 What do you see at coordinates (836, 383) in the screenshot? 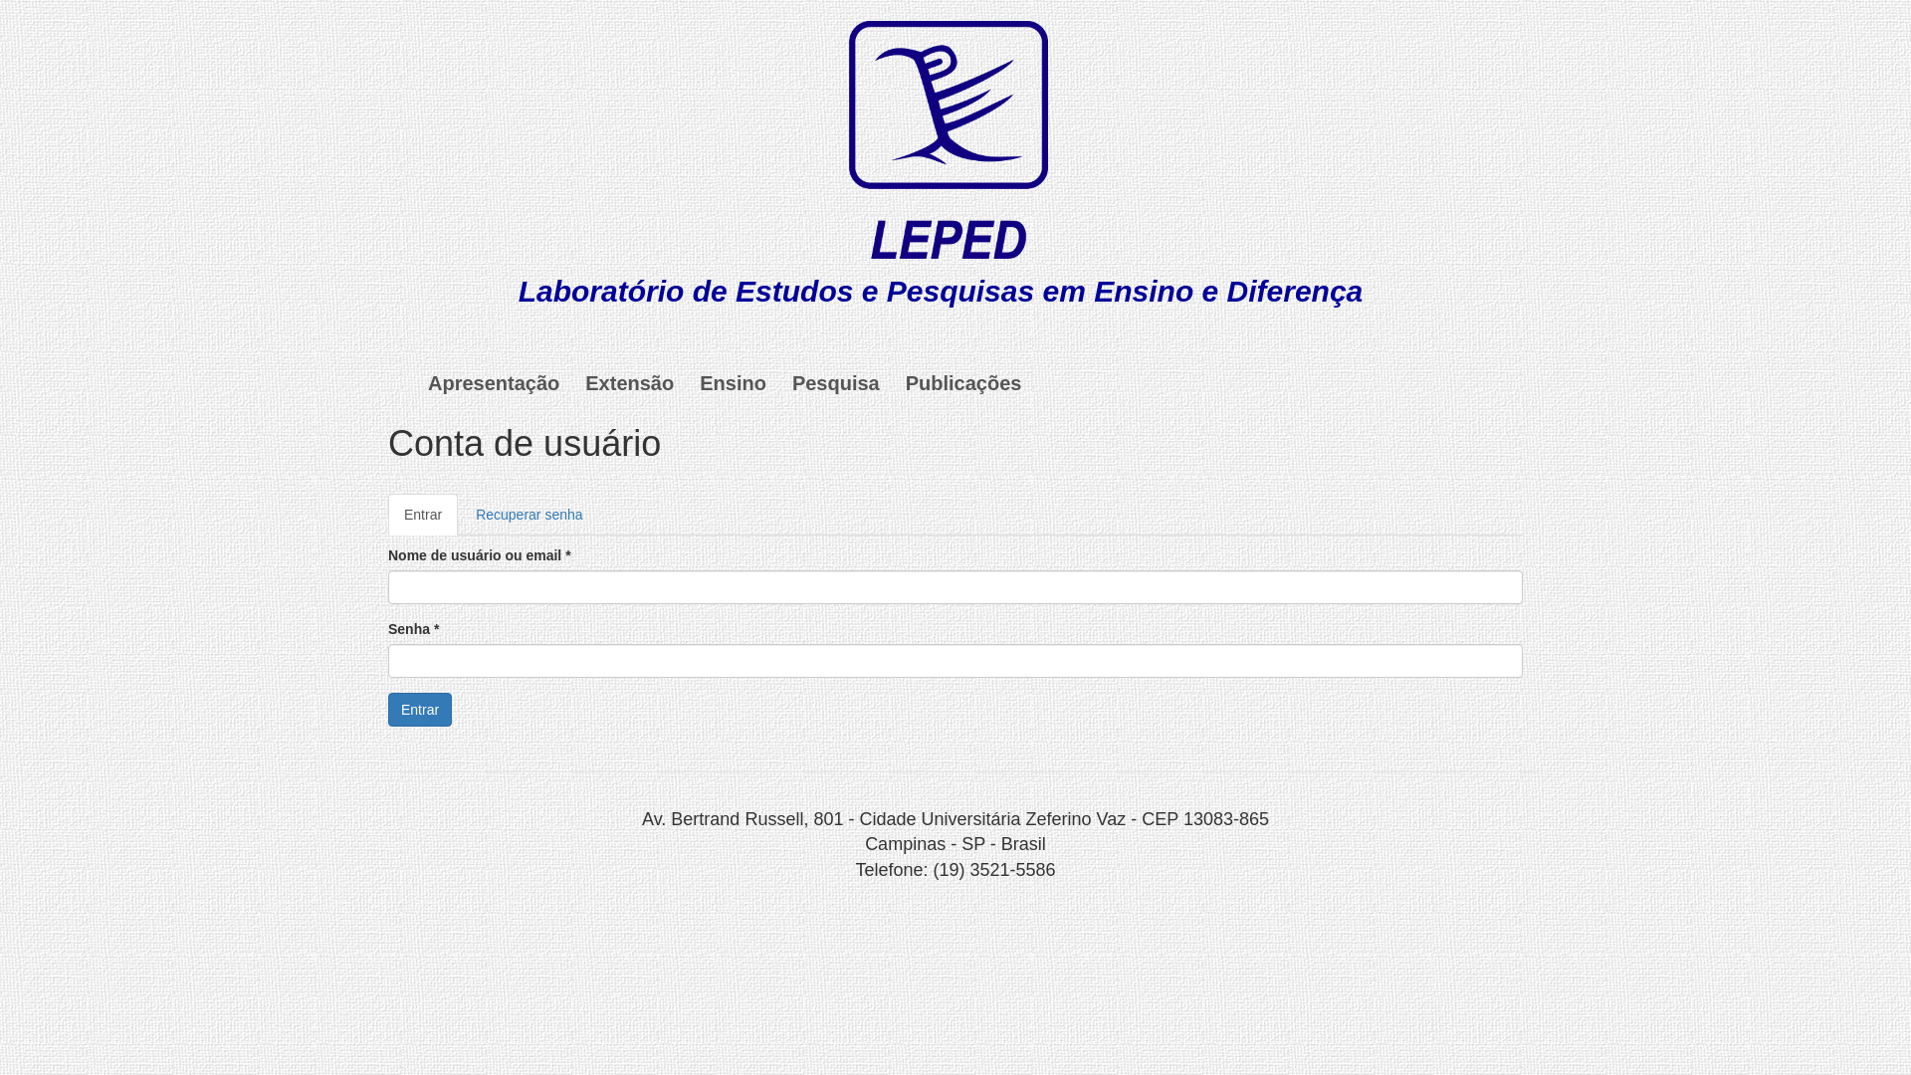
I see `'Pesquisa'` at bounding box center [836, 383].